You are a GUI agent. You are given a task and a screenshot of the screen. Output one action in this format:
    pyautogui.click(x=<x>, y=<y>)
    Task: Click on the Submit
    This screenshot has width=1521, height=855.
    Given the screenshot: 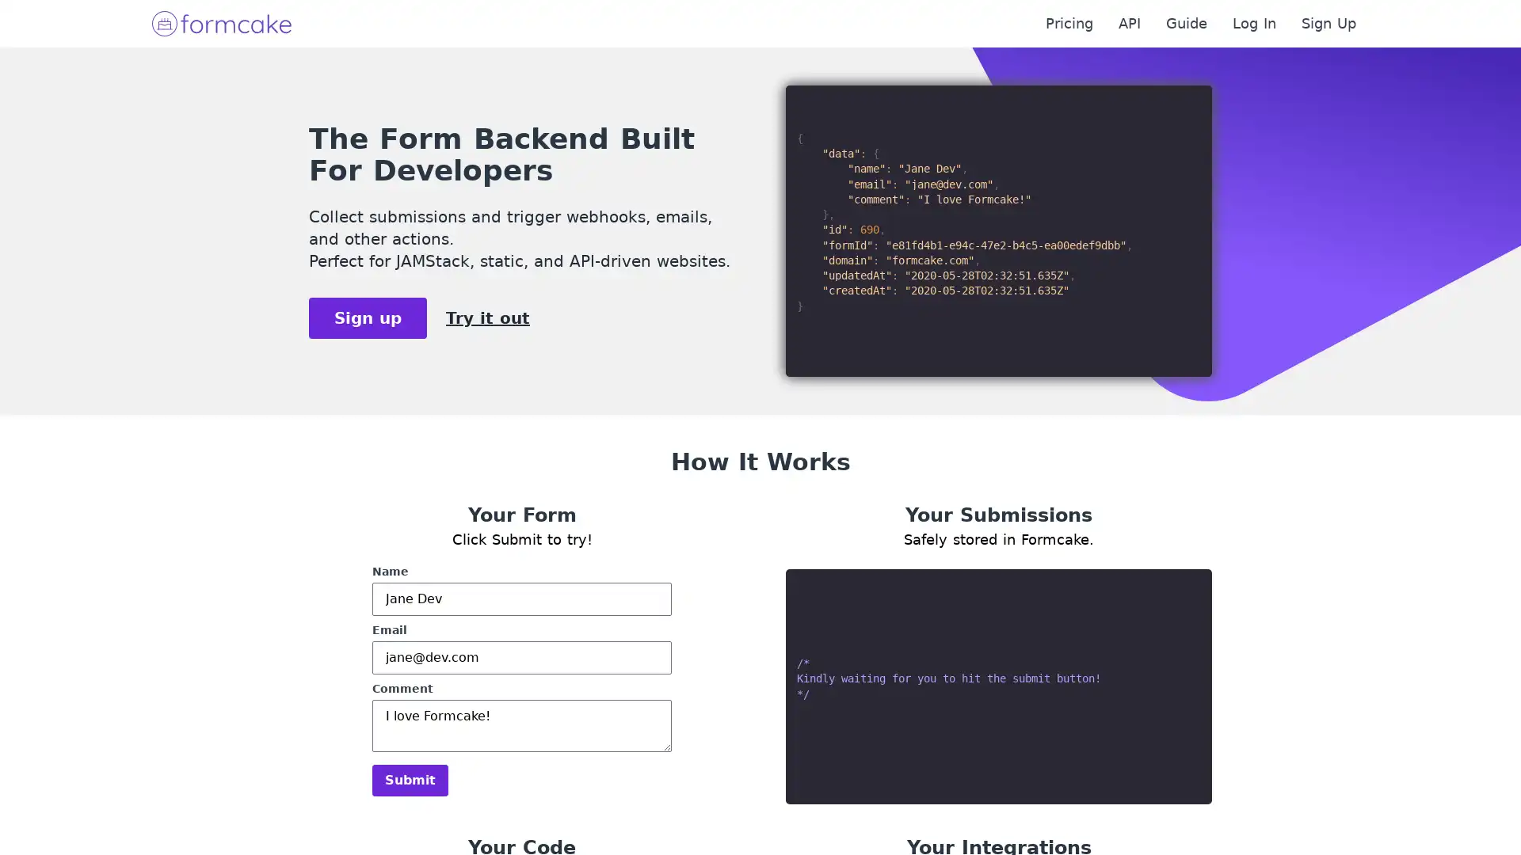 What is the action you would take?
    pyautogui.click(x=410, y=778)
    